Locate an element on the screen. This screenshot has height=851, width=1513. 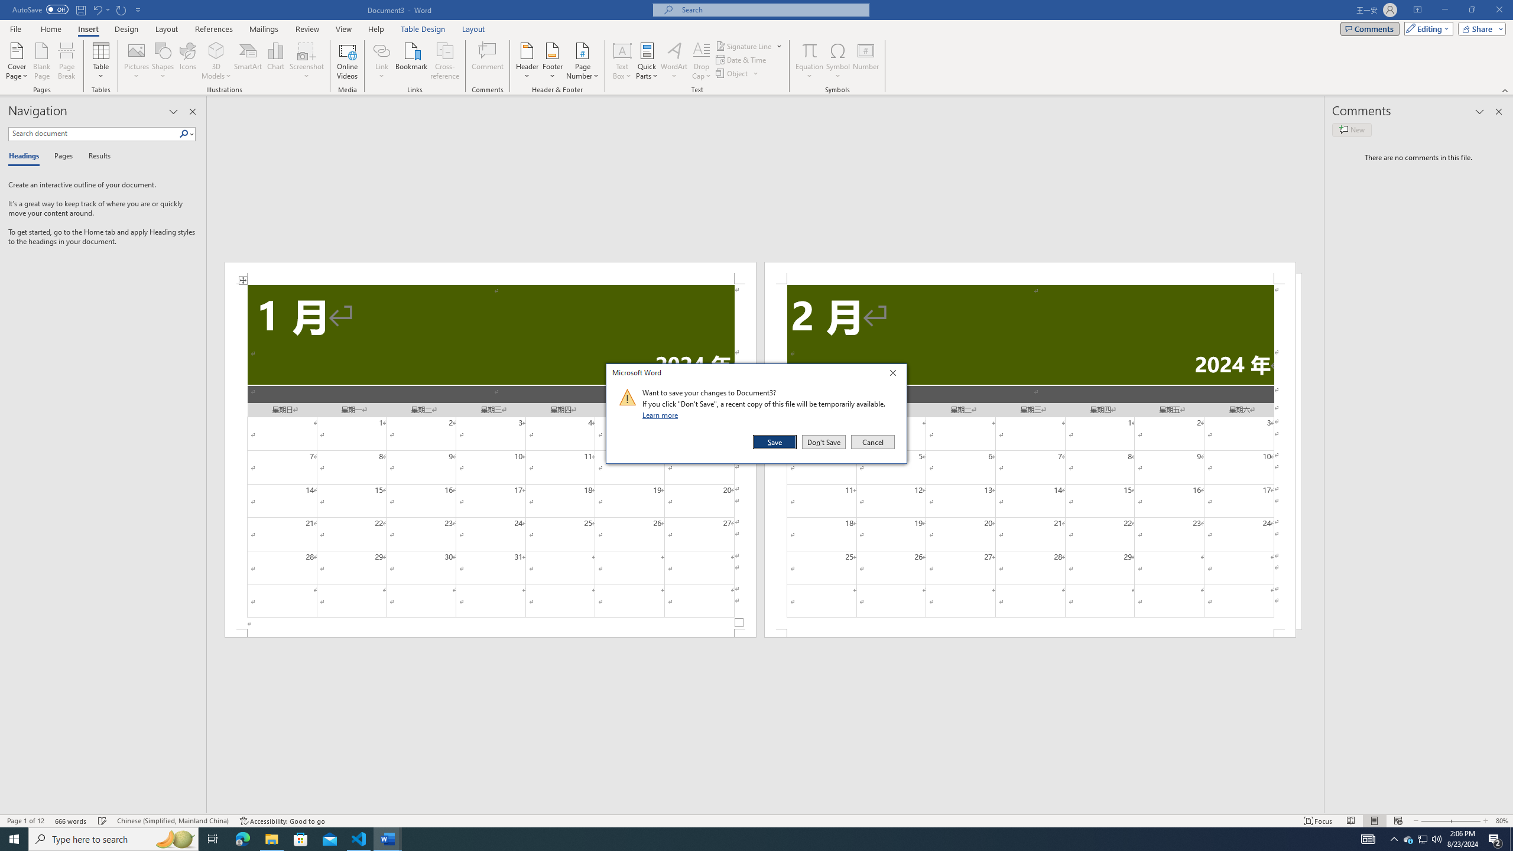
'References' is located at coordinates (214, 29).